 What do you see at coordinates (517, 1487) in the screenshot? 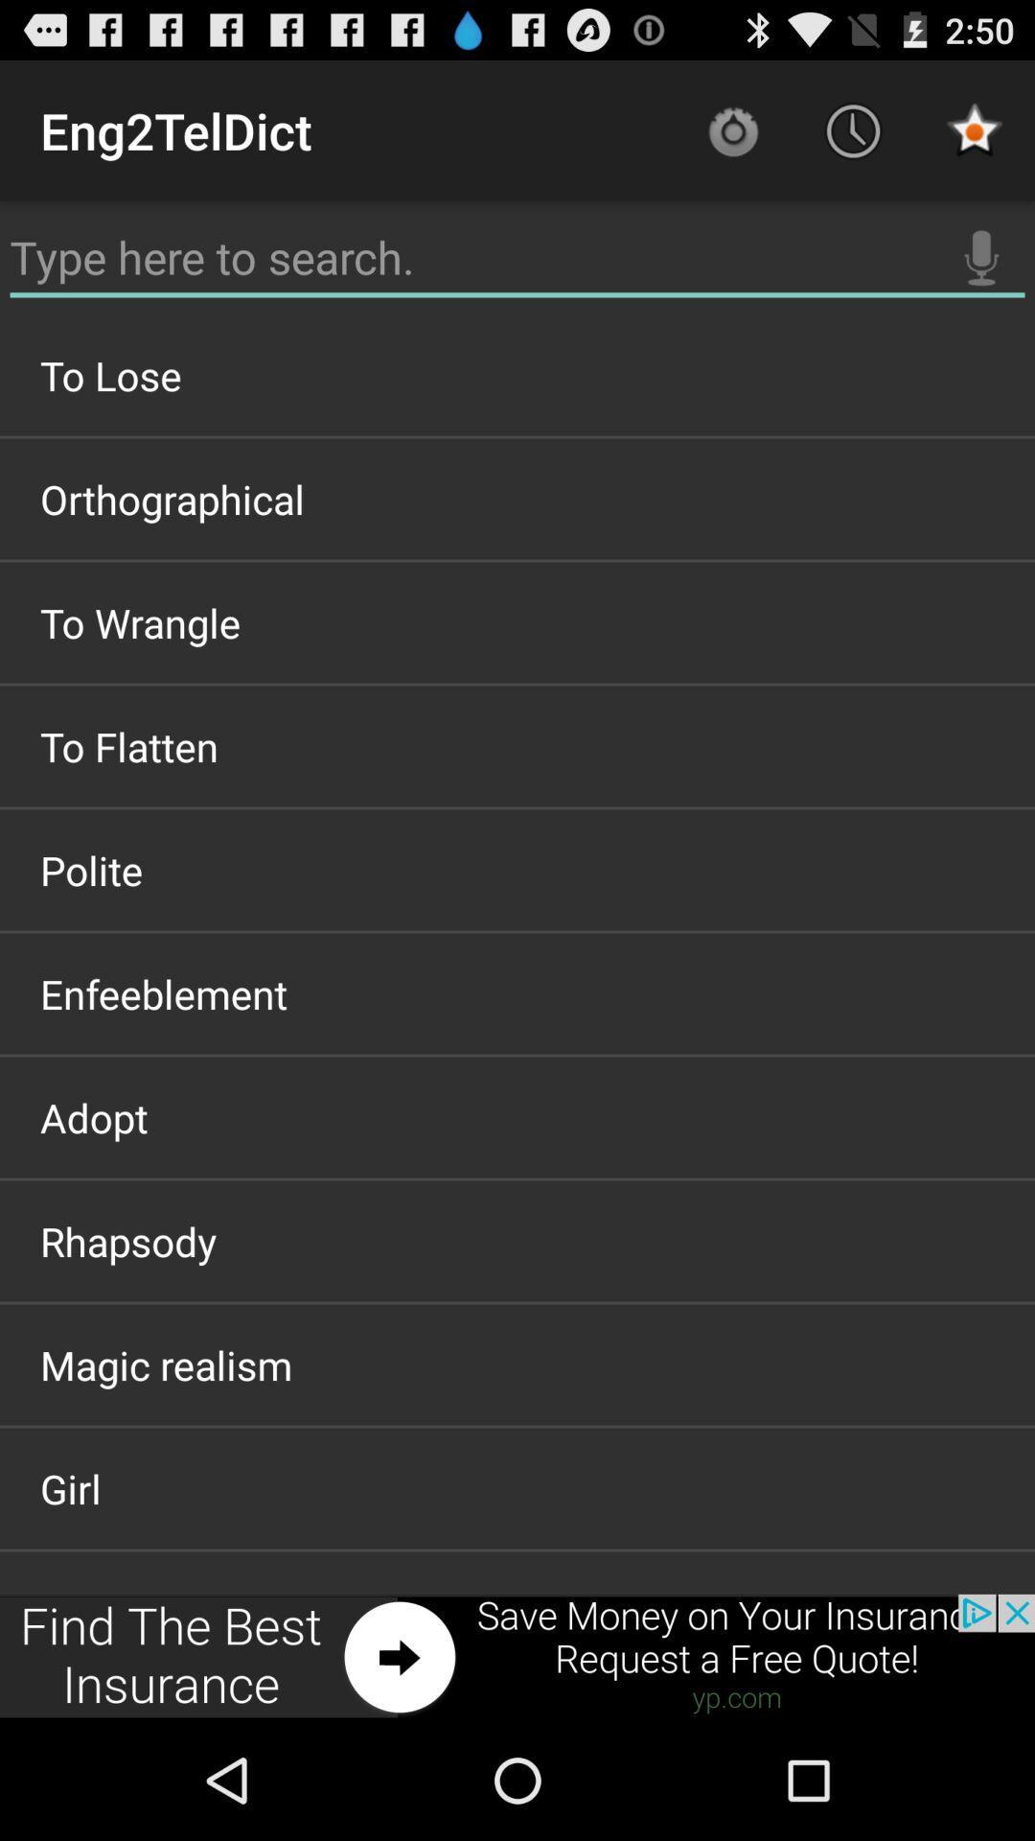
I see `item above wolfdog item` at bounding box center [517, 1487].